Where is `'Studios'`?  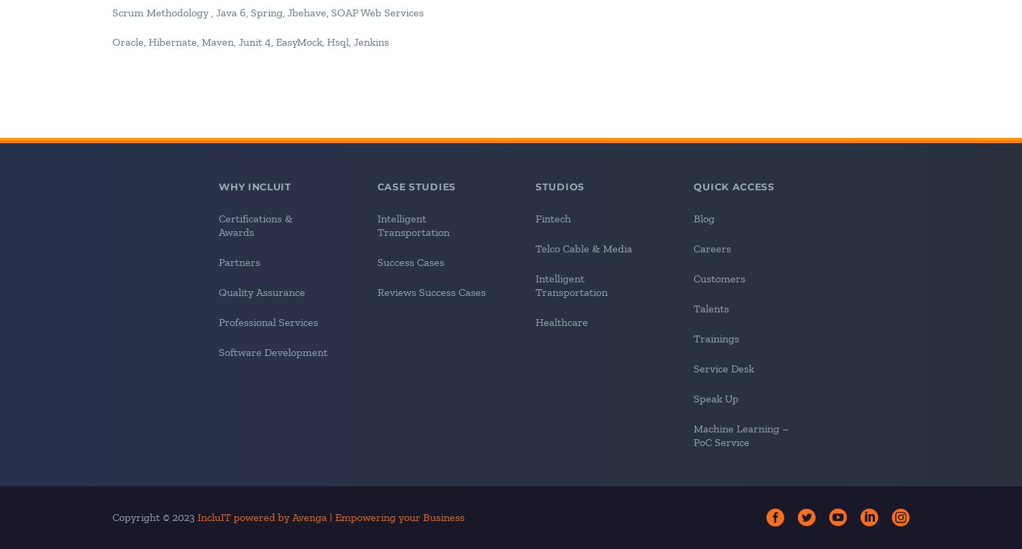
'Studios' is located at coordinates (559, 186).